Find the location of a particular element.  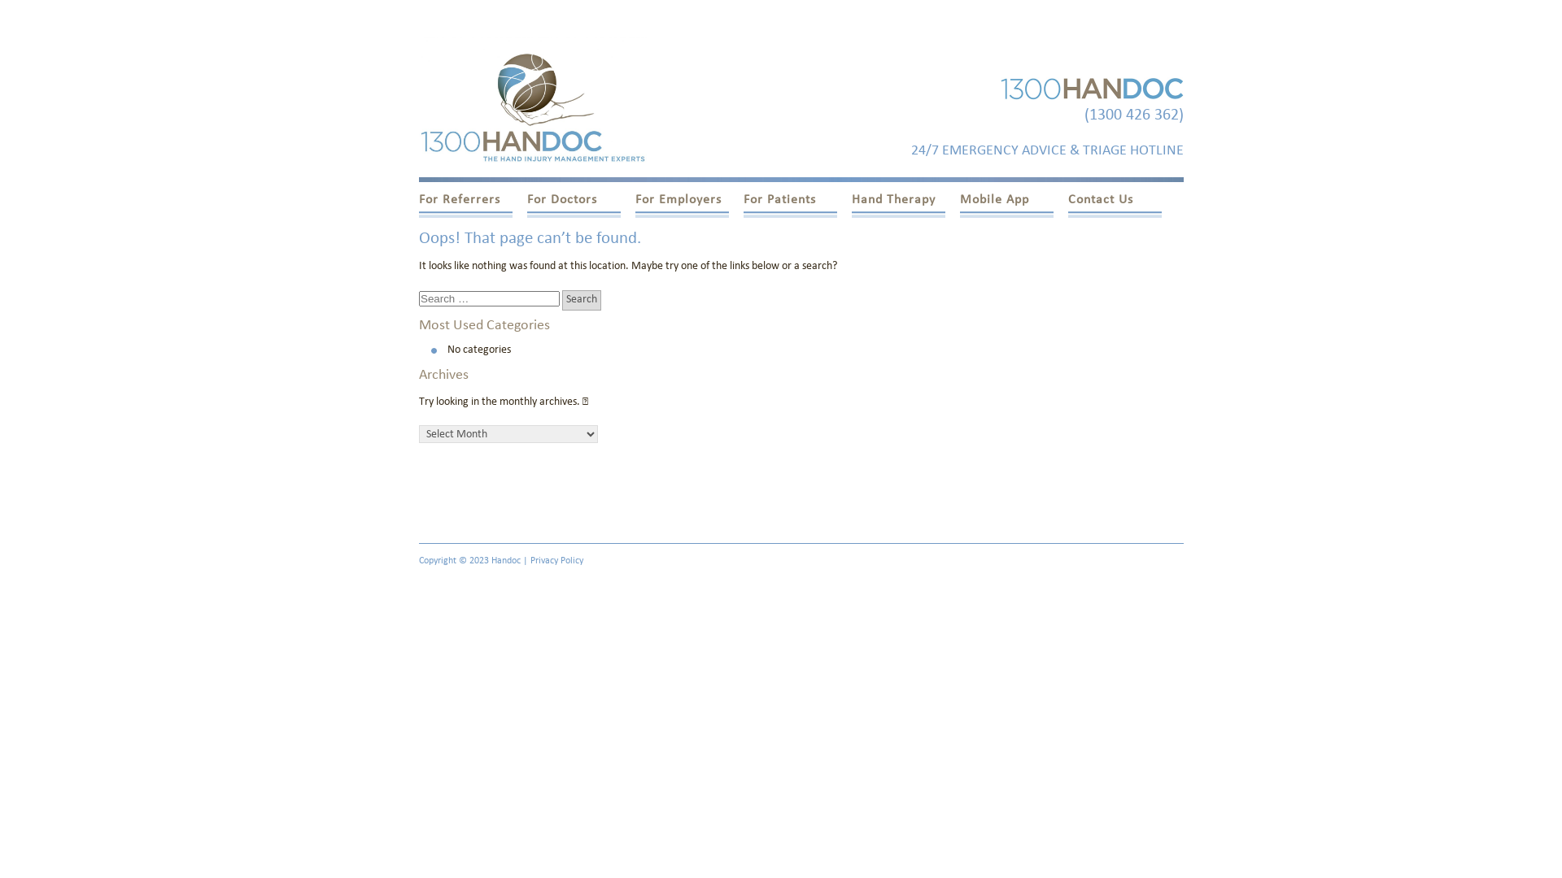

'Search' is located at coordinates (582, 299).